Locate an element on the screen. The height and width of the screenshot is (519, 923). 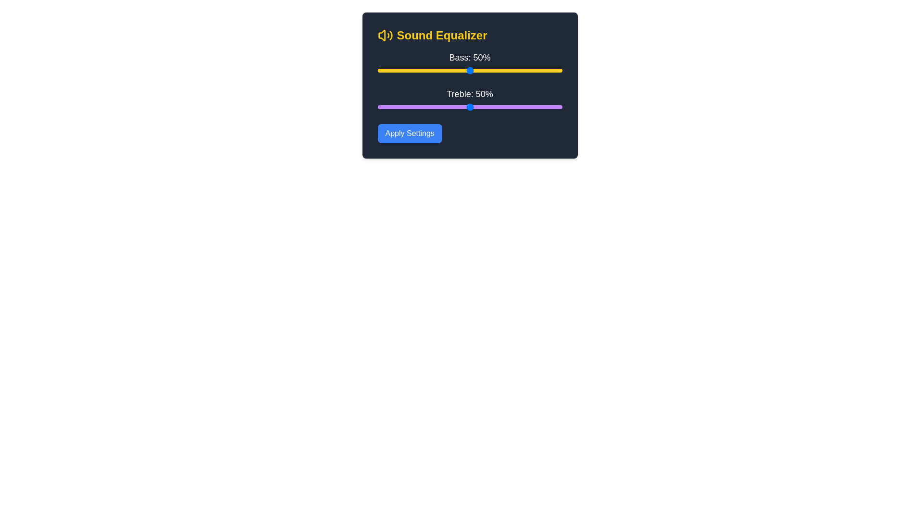
the treble slider to 95% is located at coordinates (553, 107).